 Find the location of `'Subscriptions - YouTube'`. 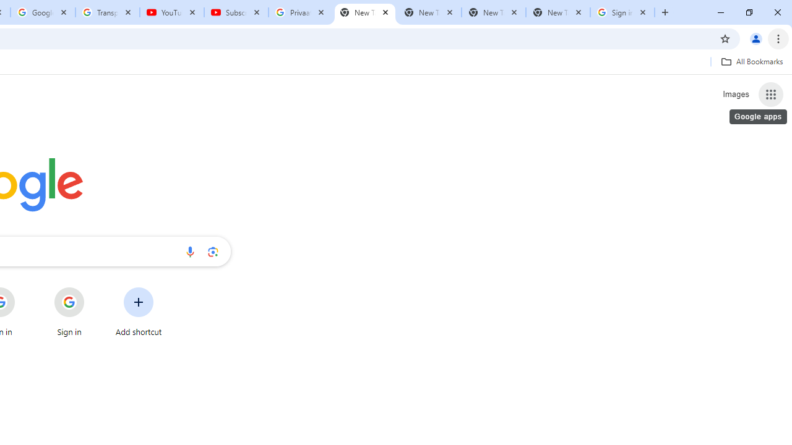

'Subscriptions - YouTube' is located at coordinates (236, 12).